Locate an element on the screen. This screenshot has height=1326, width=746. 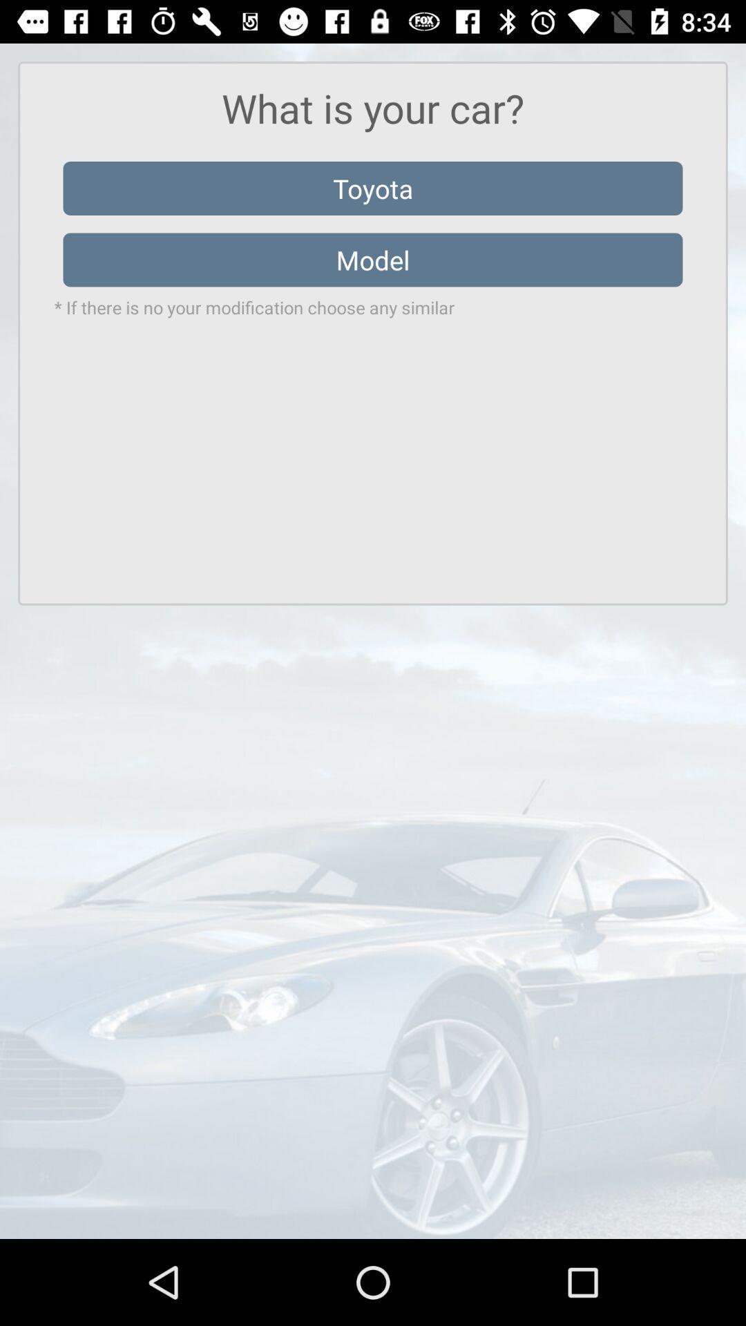
toyota is located at coordinates (373, 188).